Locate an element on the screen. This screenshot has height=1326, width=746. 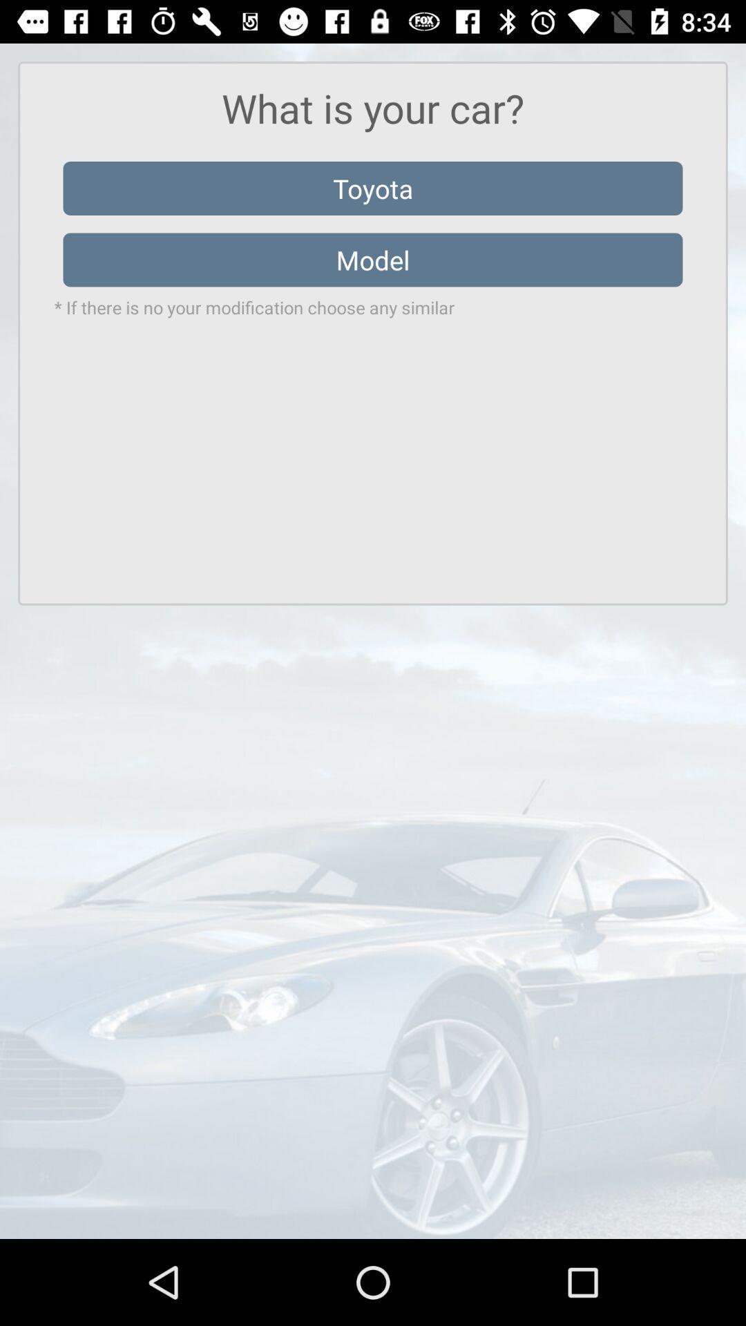
toyota is located at coordinates (373, 188).